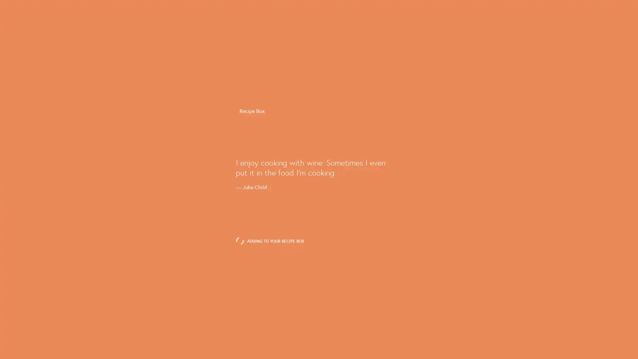 Image resolution: width=638 pixels, height=359 pixels. Describe the element at coordinates (318, 175) in the screenshot. I see `Connect with Facebook` at that location.